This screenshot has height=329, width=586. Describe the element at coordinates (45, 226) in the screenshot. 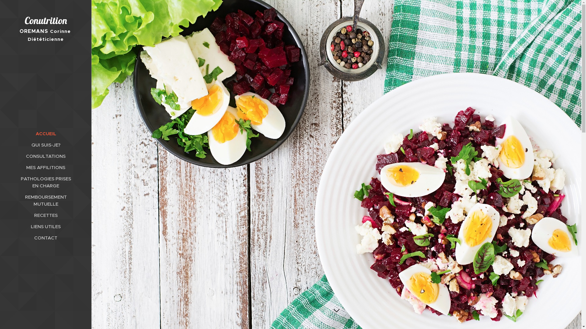

I see `'LIENS UTILES'` at that location.